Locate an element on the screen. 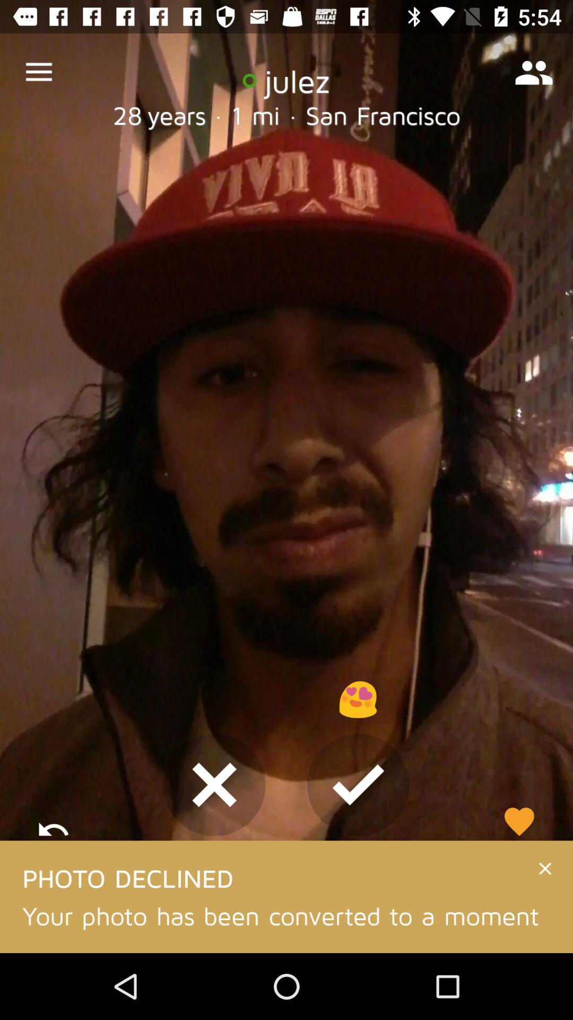 The height and width of the screenshot is (1020, 573). the close icon is located at coordinates (545, 869).